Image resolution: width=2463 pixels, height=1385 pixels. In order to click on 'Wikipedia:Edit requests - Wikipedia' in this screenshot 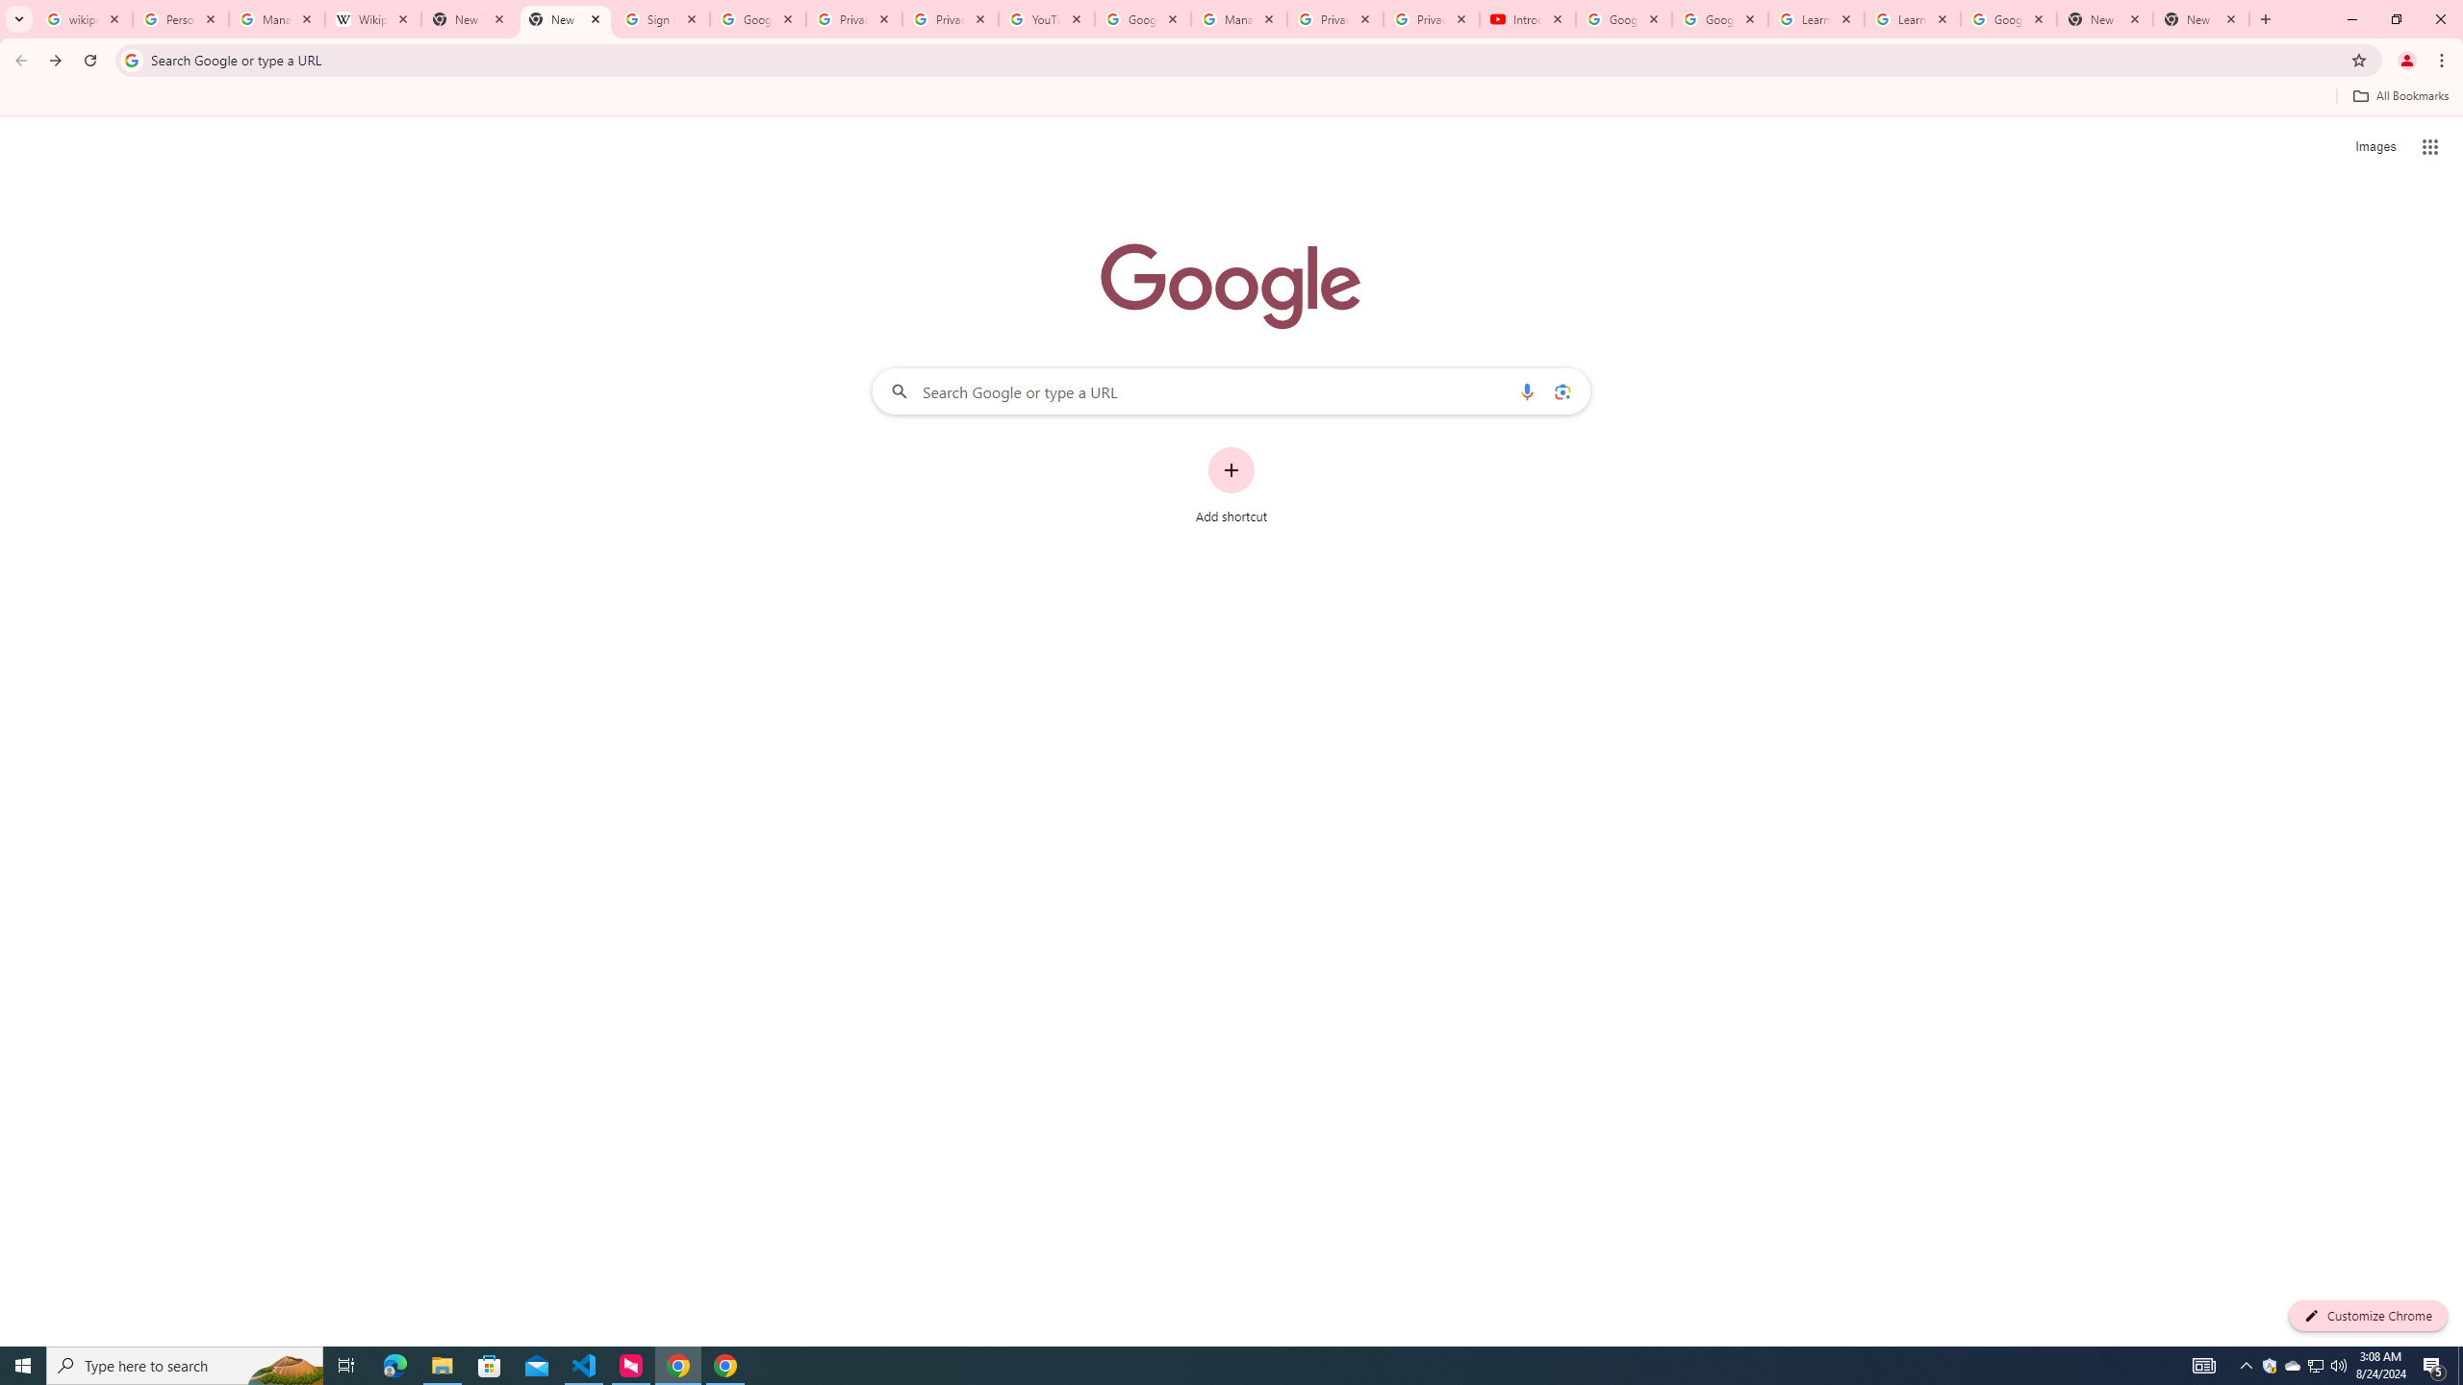, I will do `click(373, 18)`.